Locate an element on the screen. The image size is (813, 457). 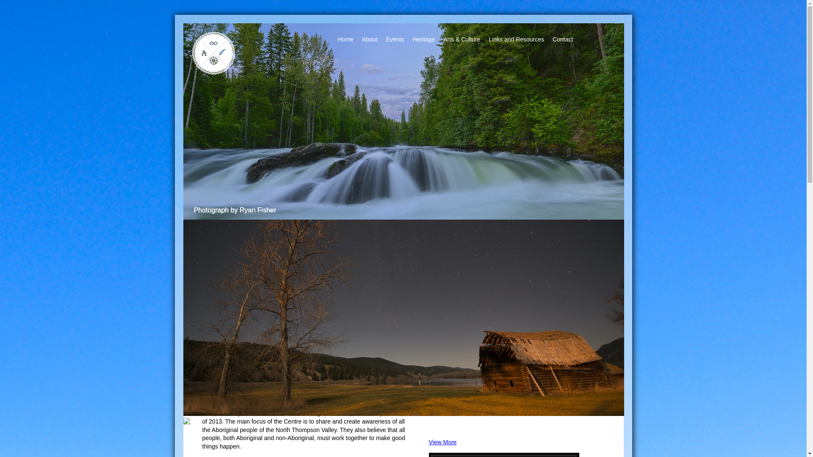
'Home' is located at coordinates (346, 39).